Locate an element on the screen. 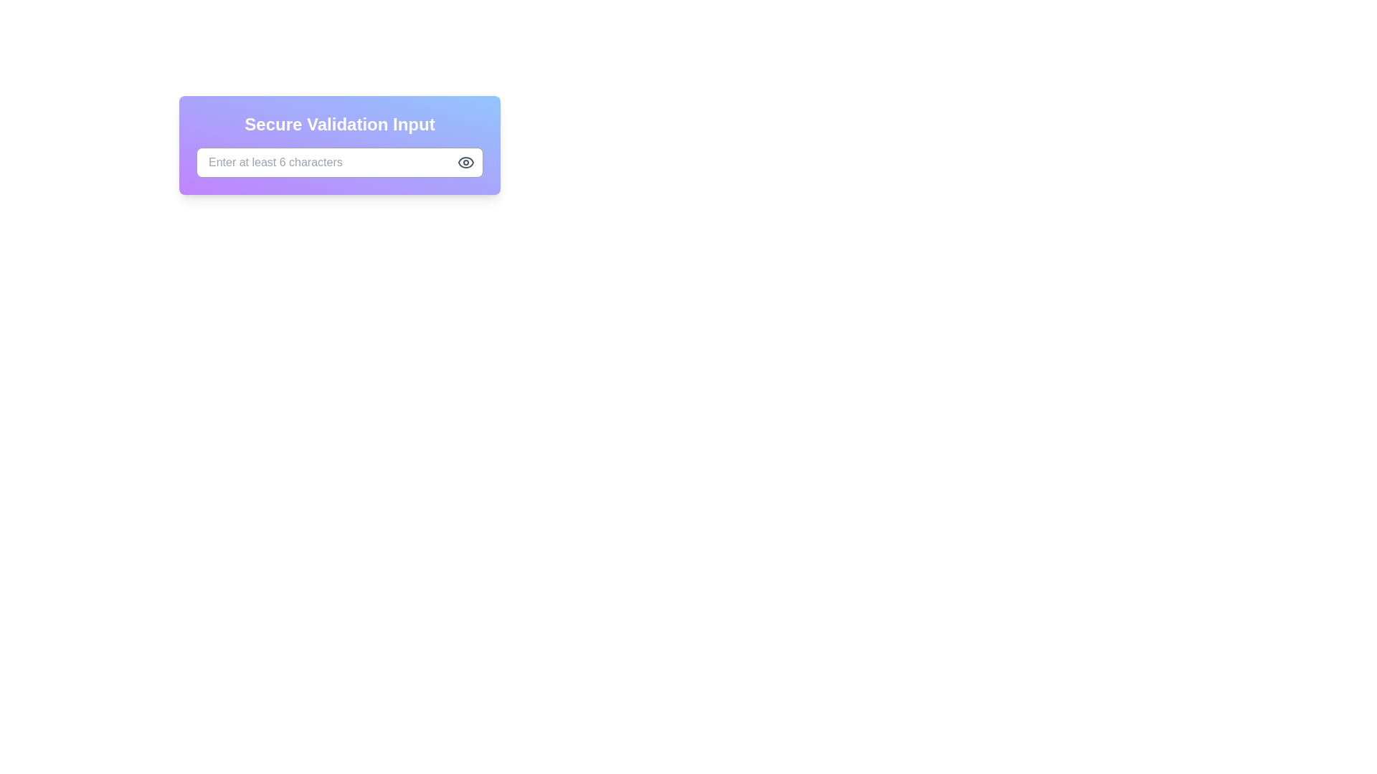 The width and height of the screenshot is (1377, 774). the centered title text labeled 'Secure Validation Input', which is styled in bold white font against a gradient background is located at coordinates (339, 123).